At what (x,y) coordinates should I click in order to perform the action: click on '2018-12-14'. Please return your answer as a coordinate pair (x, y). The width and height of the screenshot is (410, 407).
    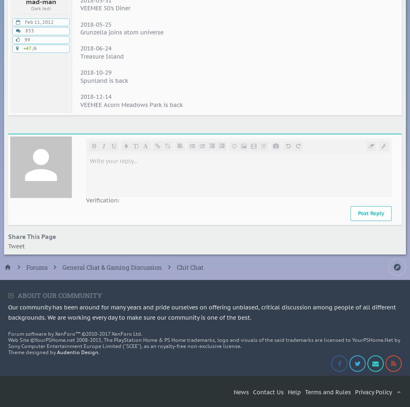
    Looking at the image, I should click on (80, 96).